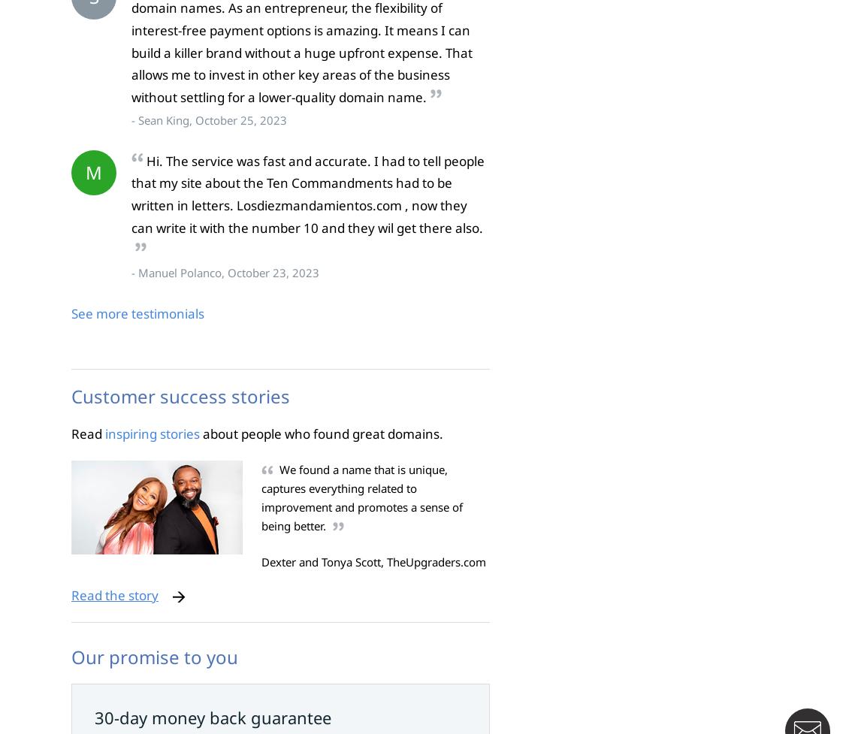 The image size is (864, 734). What do you see at coordinates (198, 433) in the screenshot?
I see `'about people who found great domains.'` at bounding box center [198, 433].